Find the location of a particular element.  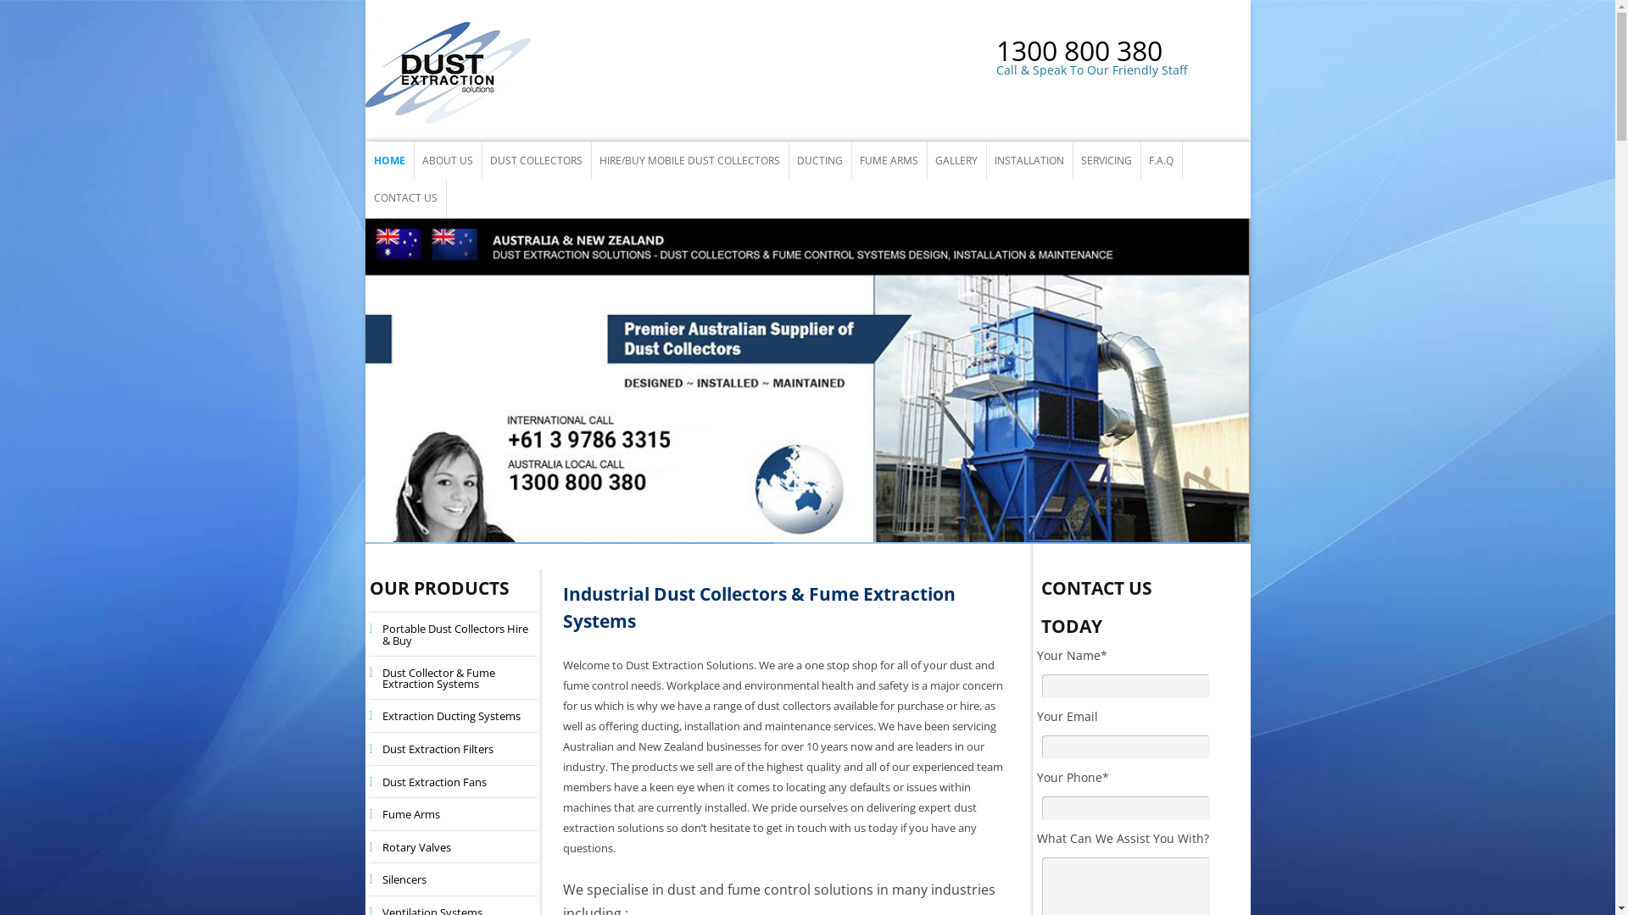

'GALLERY' is located at coordinates (956, 160).